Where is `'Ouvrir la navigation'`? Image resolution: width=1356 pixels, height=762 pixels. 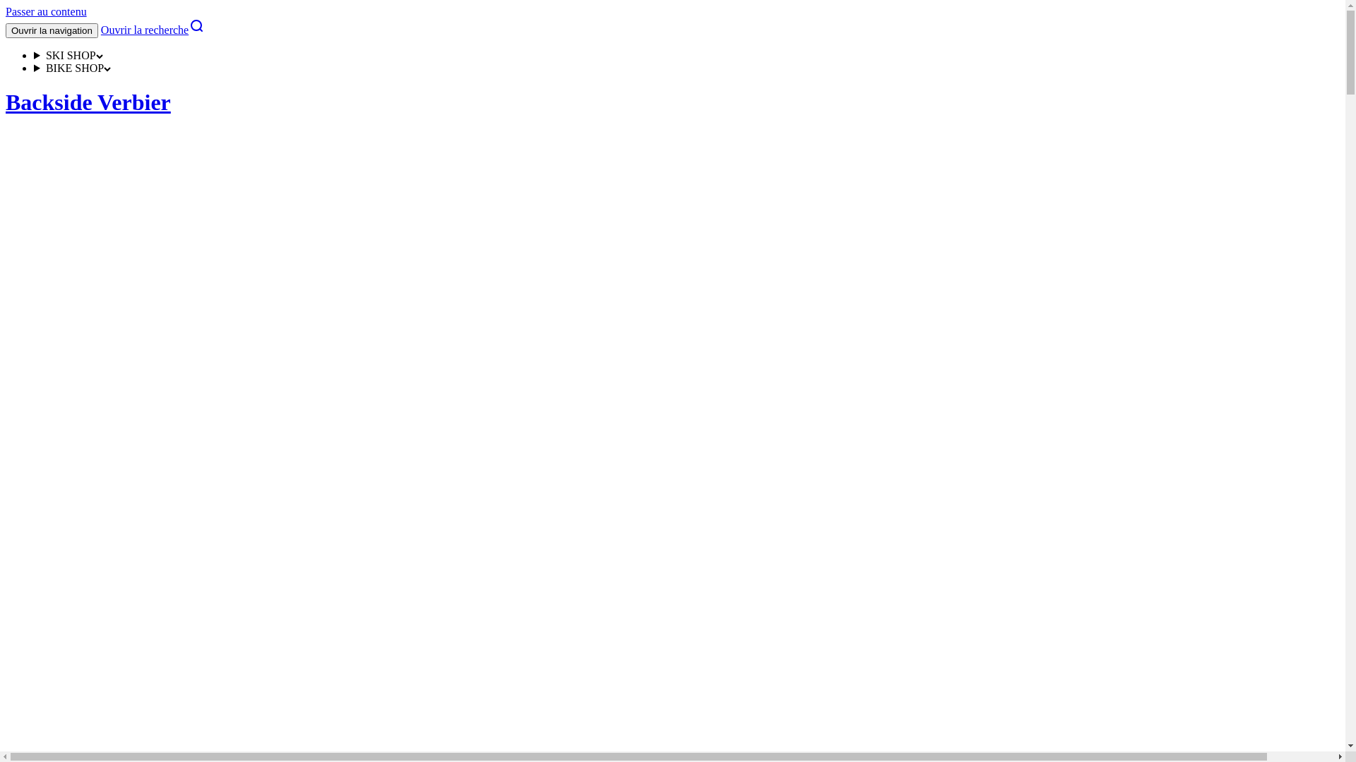
'Ouvrir la navigation' is located at coordinates (52, 30).